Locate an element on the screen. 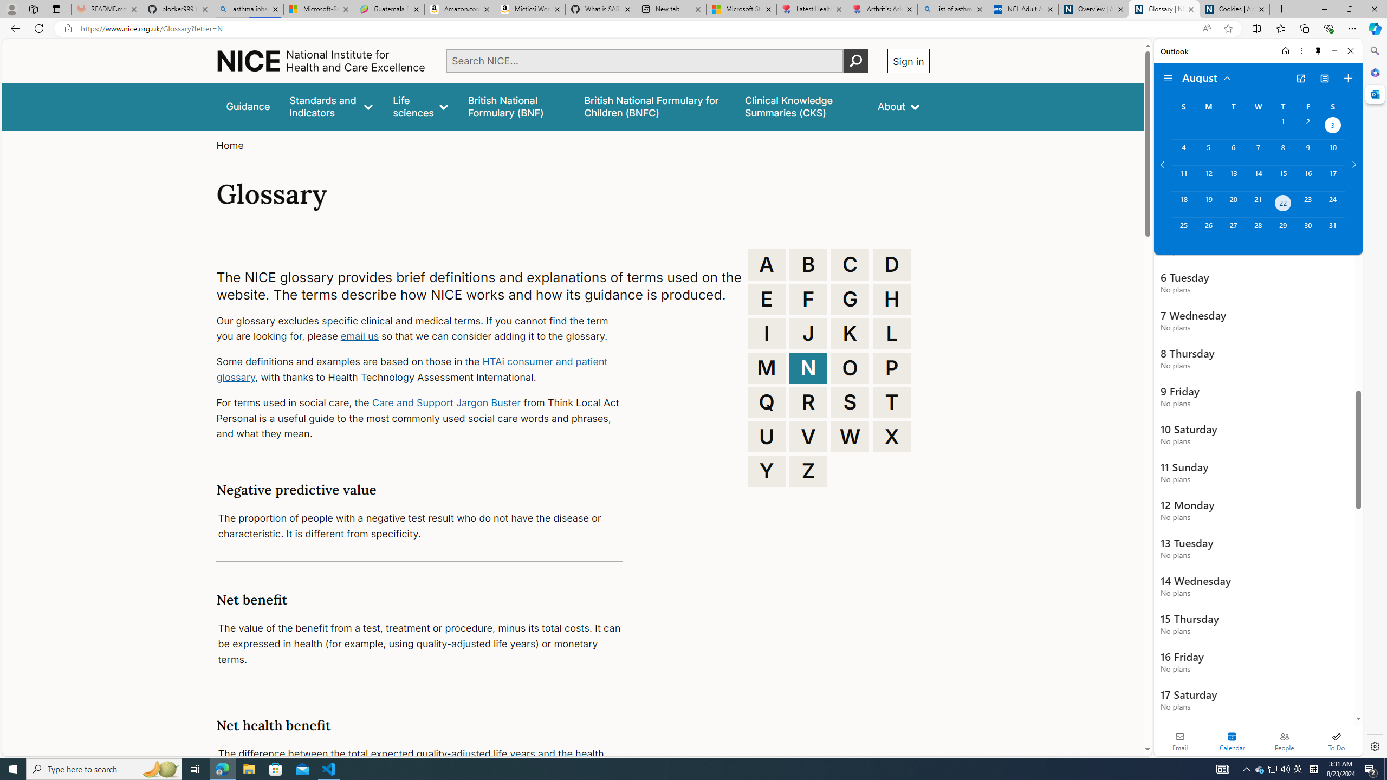  'Restore' is located at coordinates (1349, 9).